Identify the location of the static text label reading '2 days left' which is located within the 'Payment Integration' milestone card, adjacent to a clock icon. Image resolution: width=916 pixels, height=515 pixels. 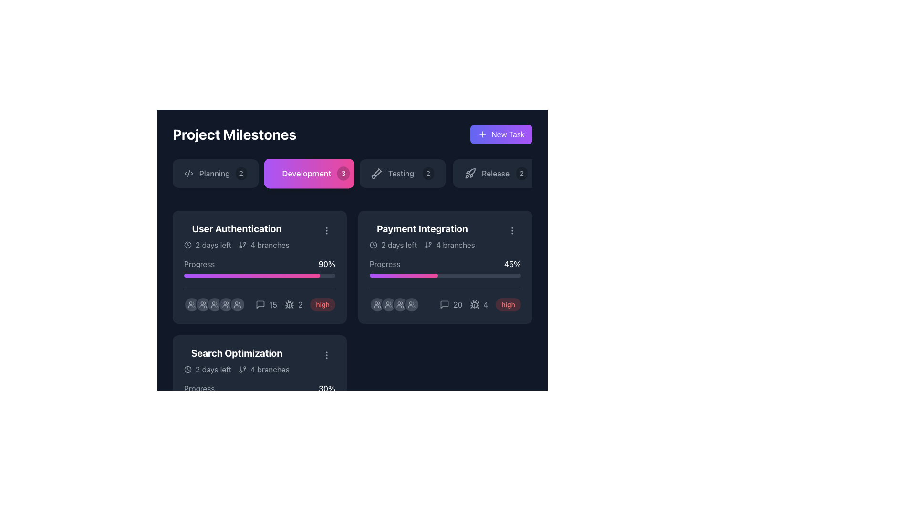
(399, 244).